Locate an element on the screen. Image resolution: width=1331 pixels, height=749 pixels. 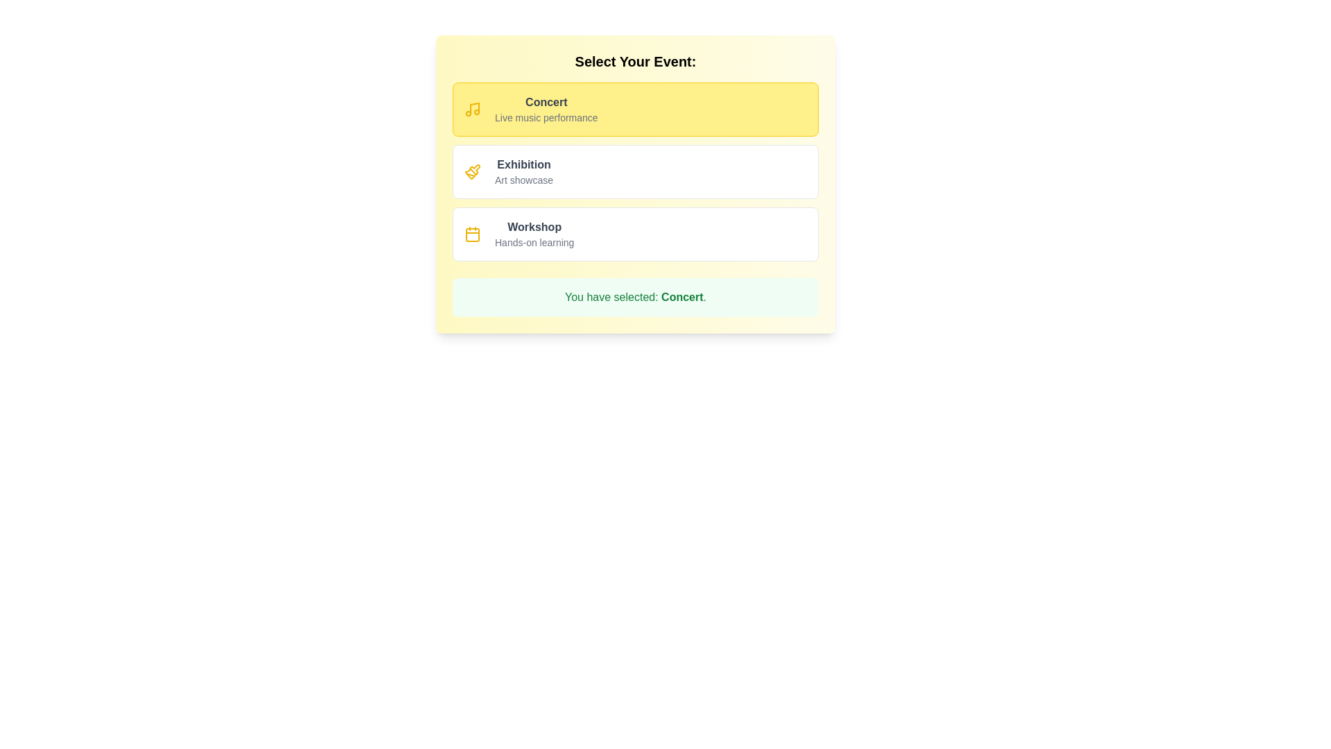
the 'Workshop' event choice icon, which is positioned at the start of the third entry in the event selection list, next to the 'Workshop' title is located at coordinates (476, 234).